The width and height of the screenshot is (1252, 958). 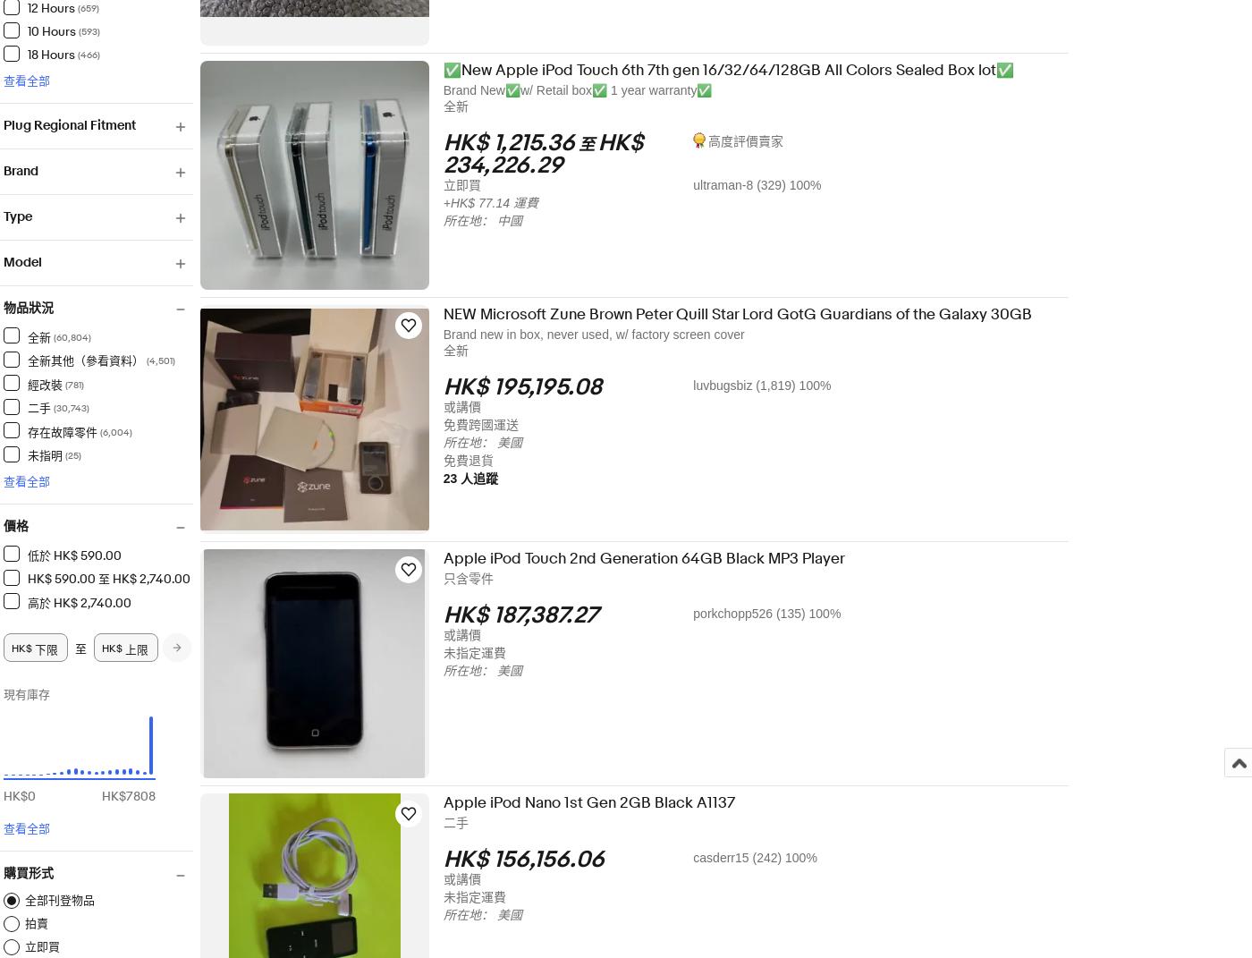 What do you see at coordinates (502, 202) in the screenshot?
I see `'+HK$ 77.14 運費'` at bounding box center [502, 202].